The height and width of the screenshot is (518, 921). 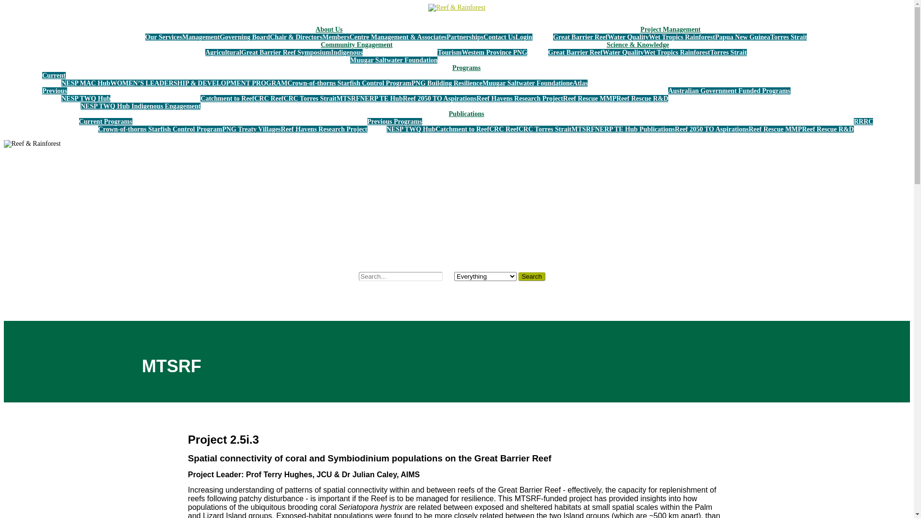 What do you see at coordinates (285, 52) in the screenshot?
I see `'Great Barrier Reef Symposium'` at bounding box center [285, 52].